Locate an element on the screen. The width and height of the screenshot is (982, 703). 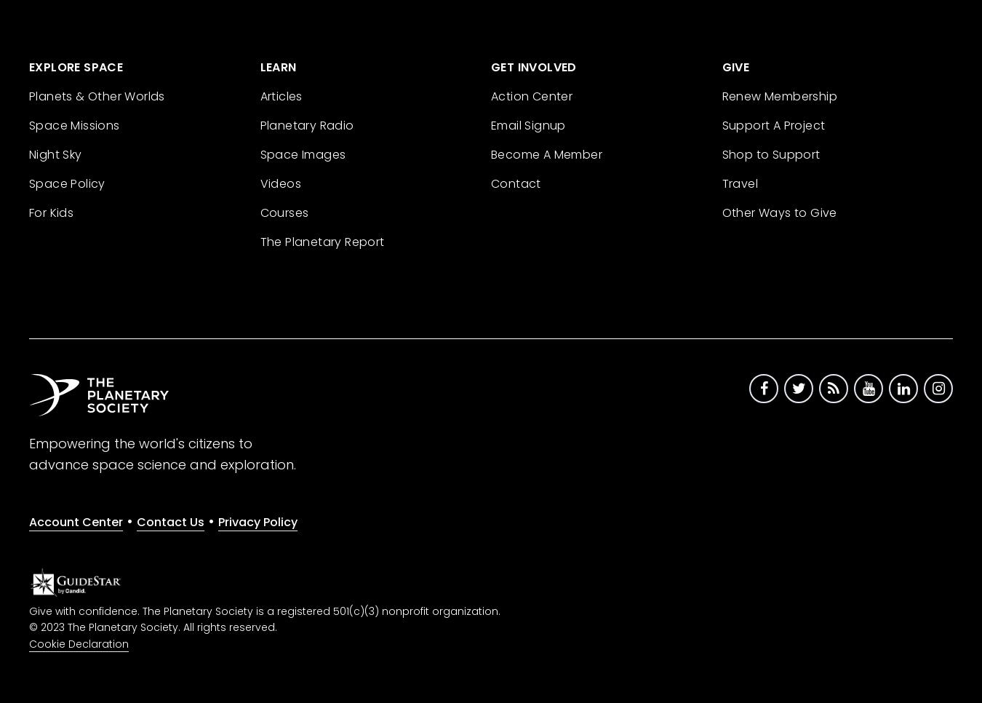
'Email Signup' is located at coordinates (527, 124).